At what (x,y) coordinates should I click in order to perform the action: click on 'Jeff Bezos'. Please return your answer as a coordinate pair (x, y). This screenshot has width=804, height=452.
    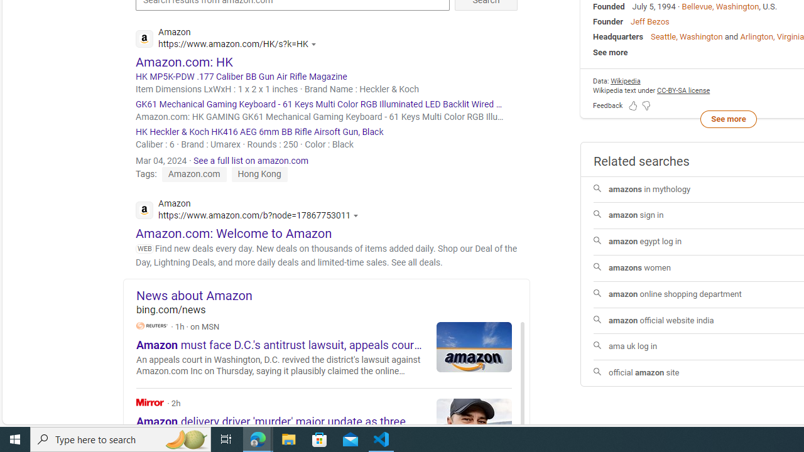
    Looking at the image, I should click on (649, 21).